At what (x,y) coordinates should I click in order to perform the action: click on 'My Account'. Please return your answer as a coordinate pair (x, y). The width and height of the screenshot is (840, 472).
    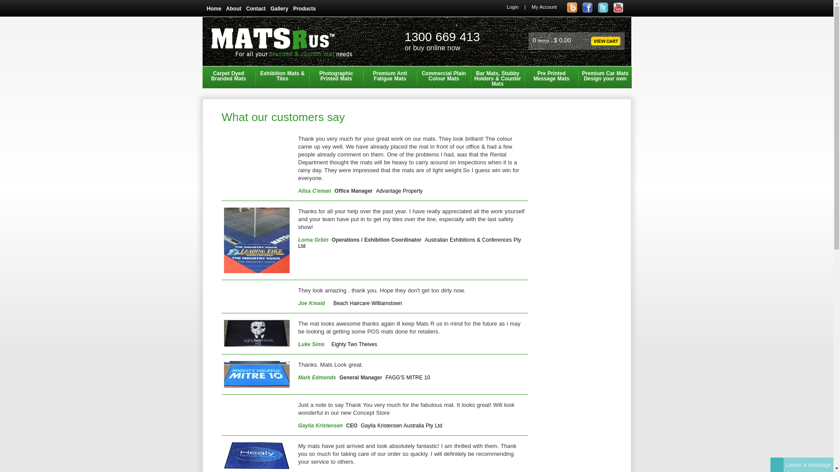
    Looking at the image, I should click on (543, 7).